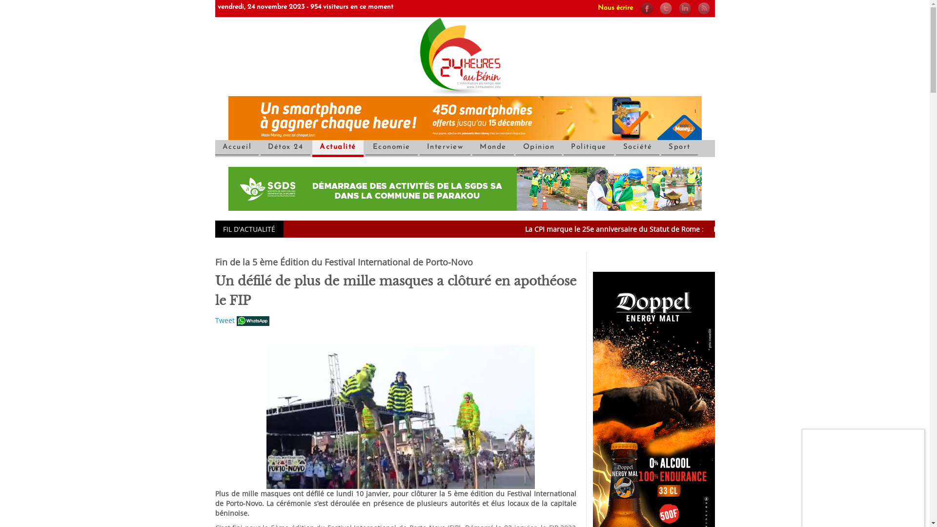  I want to click on 'Politique', so click(588, 147).